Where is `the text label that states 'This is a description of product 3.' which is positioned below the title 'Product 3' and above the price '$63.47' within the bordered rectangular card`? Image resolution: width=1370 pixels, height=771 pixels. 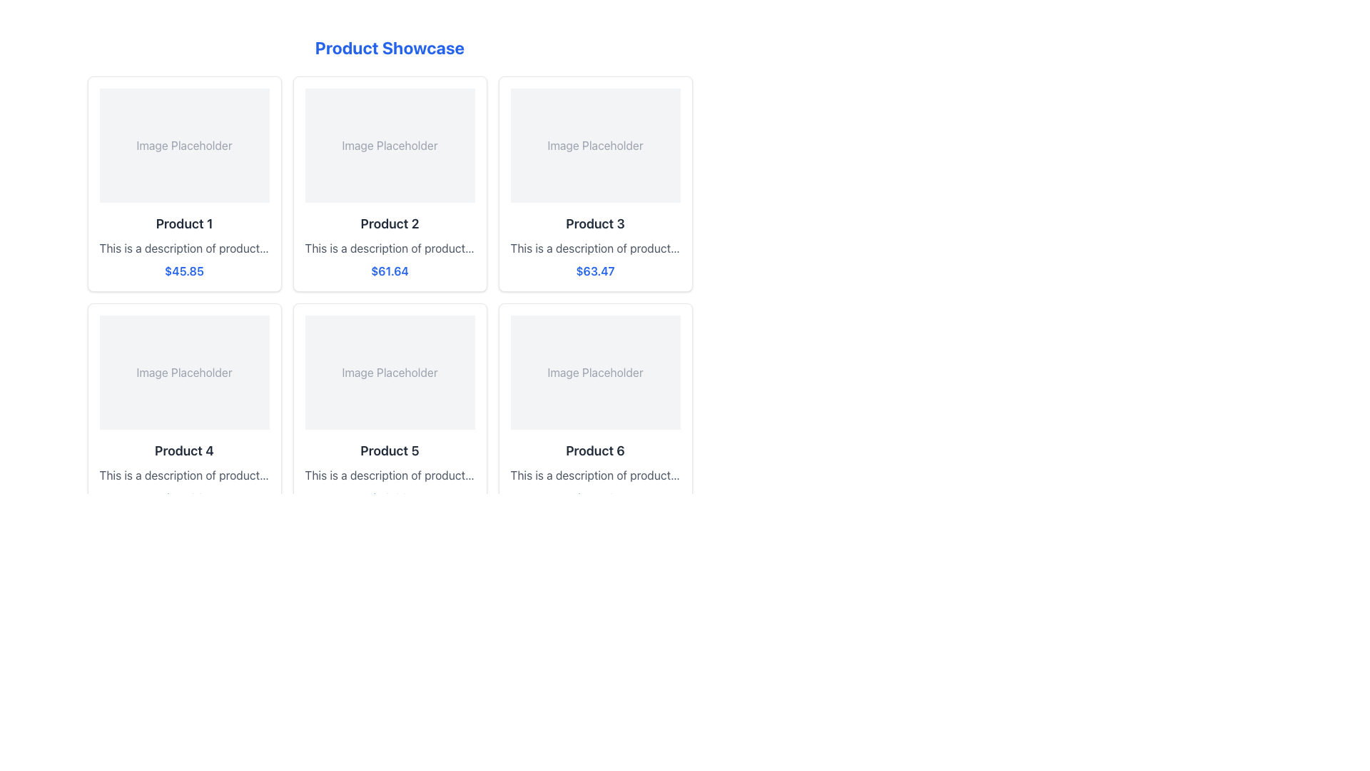 the text label that states 'This is a description of product 3.' which is positioned below the title 'Product 3' and above the price '$63.47' within the bordered rectangular card is located at coordinates (595, 247).